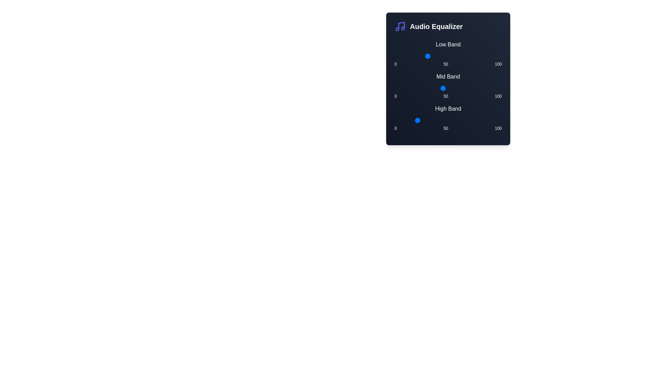 The width and height of the screenshot is (671, 377). Describe the element at coordinates (425, 88) in the screenshot. I see `the Mid Band slider to set its value to 29` at that location.